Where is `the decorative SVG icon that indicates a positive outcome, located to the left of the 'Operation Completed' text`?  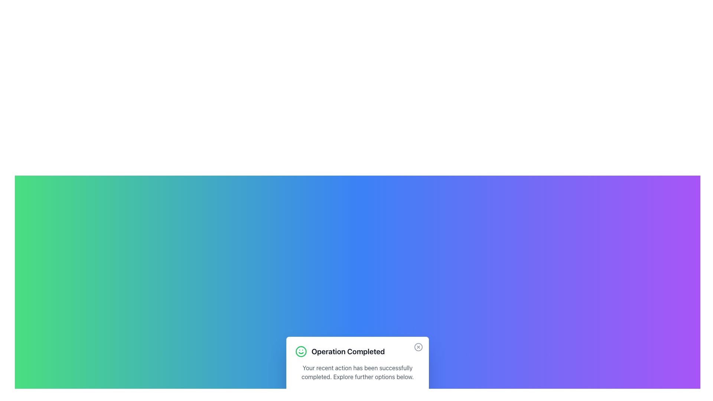
the decorative SVG icon that indicates a positive outcome, located to the left of the 'Operation Completed' text is located at coordinates (301, 351).